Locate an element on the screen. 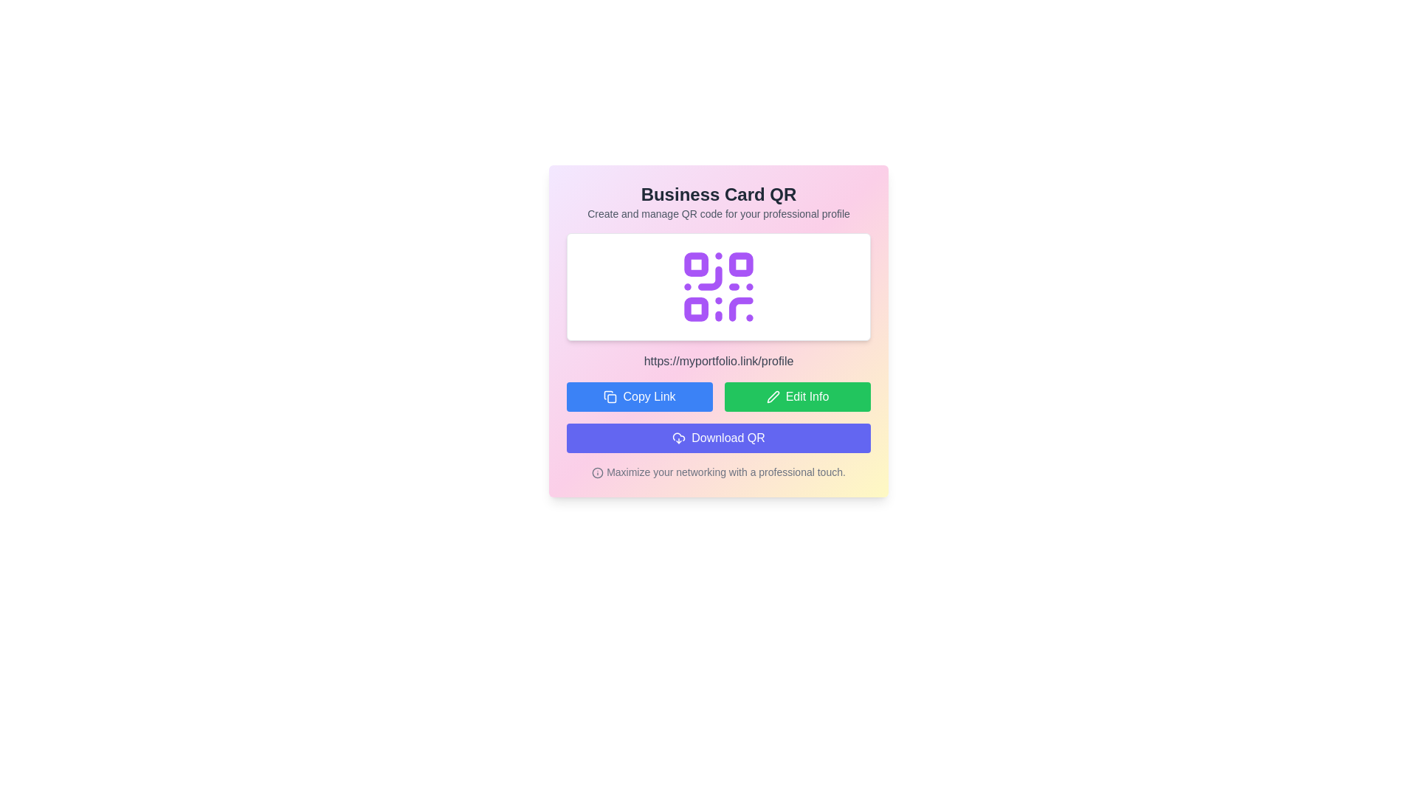 The image size is (1417, 797). the 'Download QR' button that contains a cloud icon with a downward arrow, located at the bottom of the card interface is located at coordinates (678, 438).